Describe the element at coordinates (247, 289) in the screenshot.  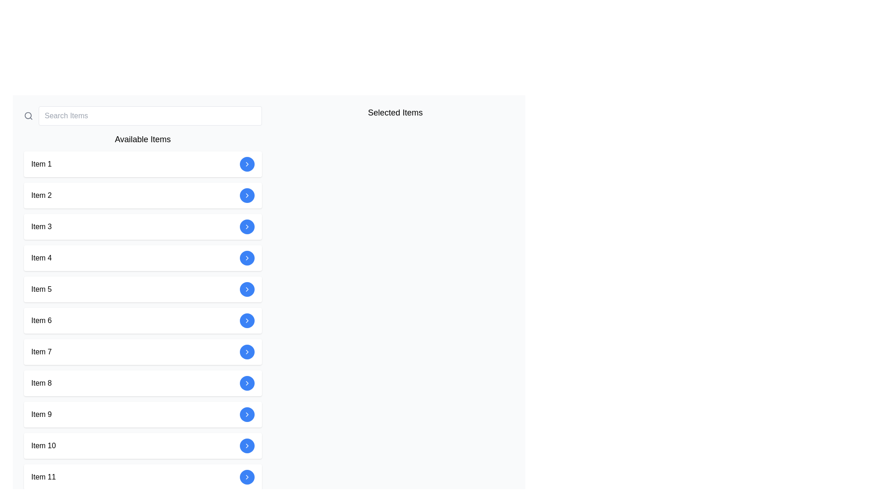
I see `the blue circular icon on the right side of the 'Item 5' entry in the 'Available Items' list` at that location.